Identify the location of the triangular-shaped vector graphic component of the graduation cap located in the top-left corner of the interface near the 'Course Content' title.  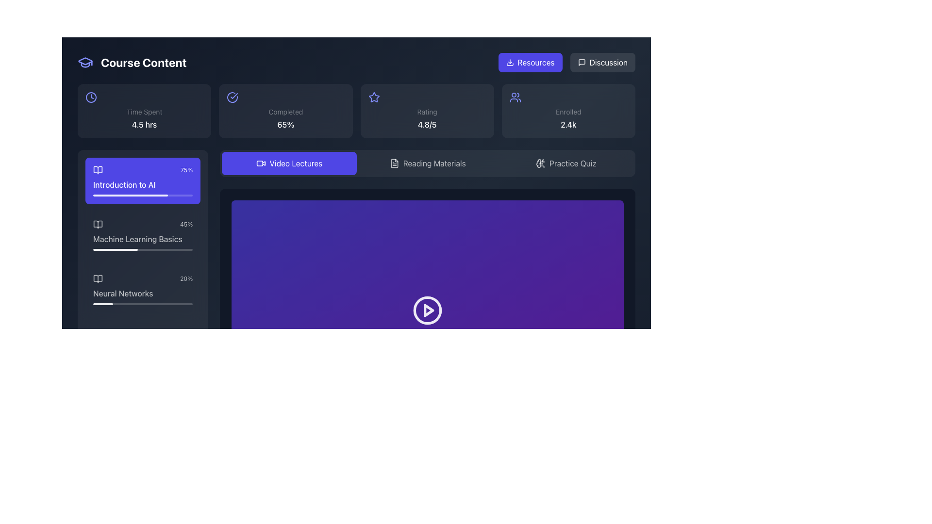
(85, 61).